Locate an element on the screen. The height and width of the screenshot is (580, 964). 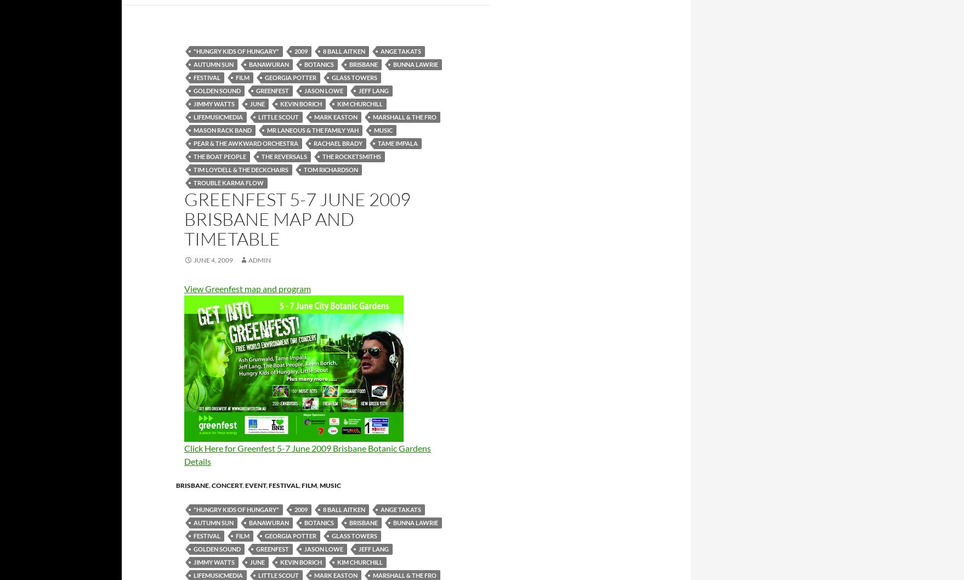
'Tom Richardson' is located at coordinates (331, 168).